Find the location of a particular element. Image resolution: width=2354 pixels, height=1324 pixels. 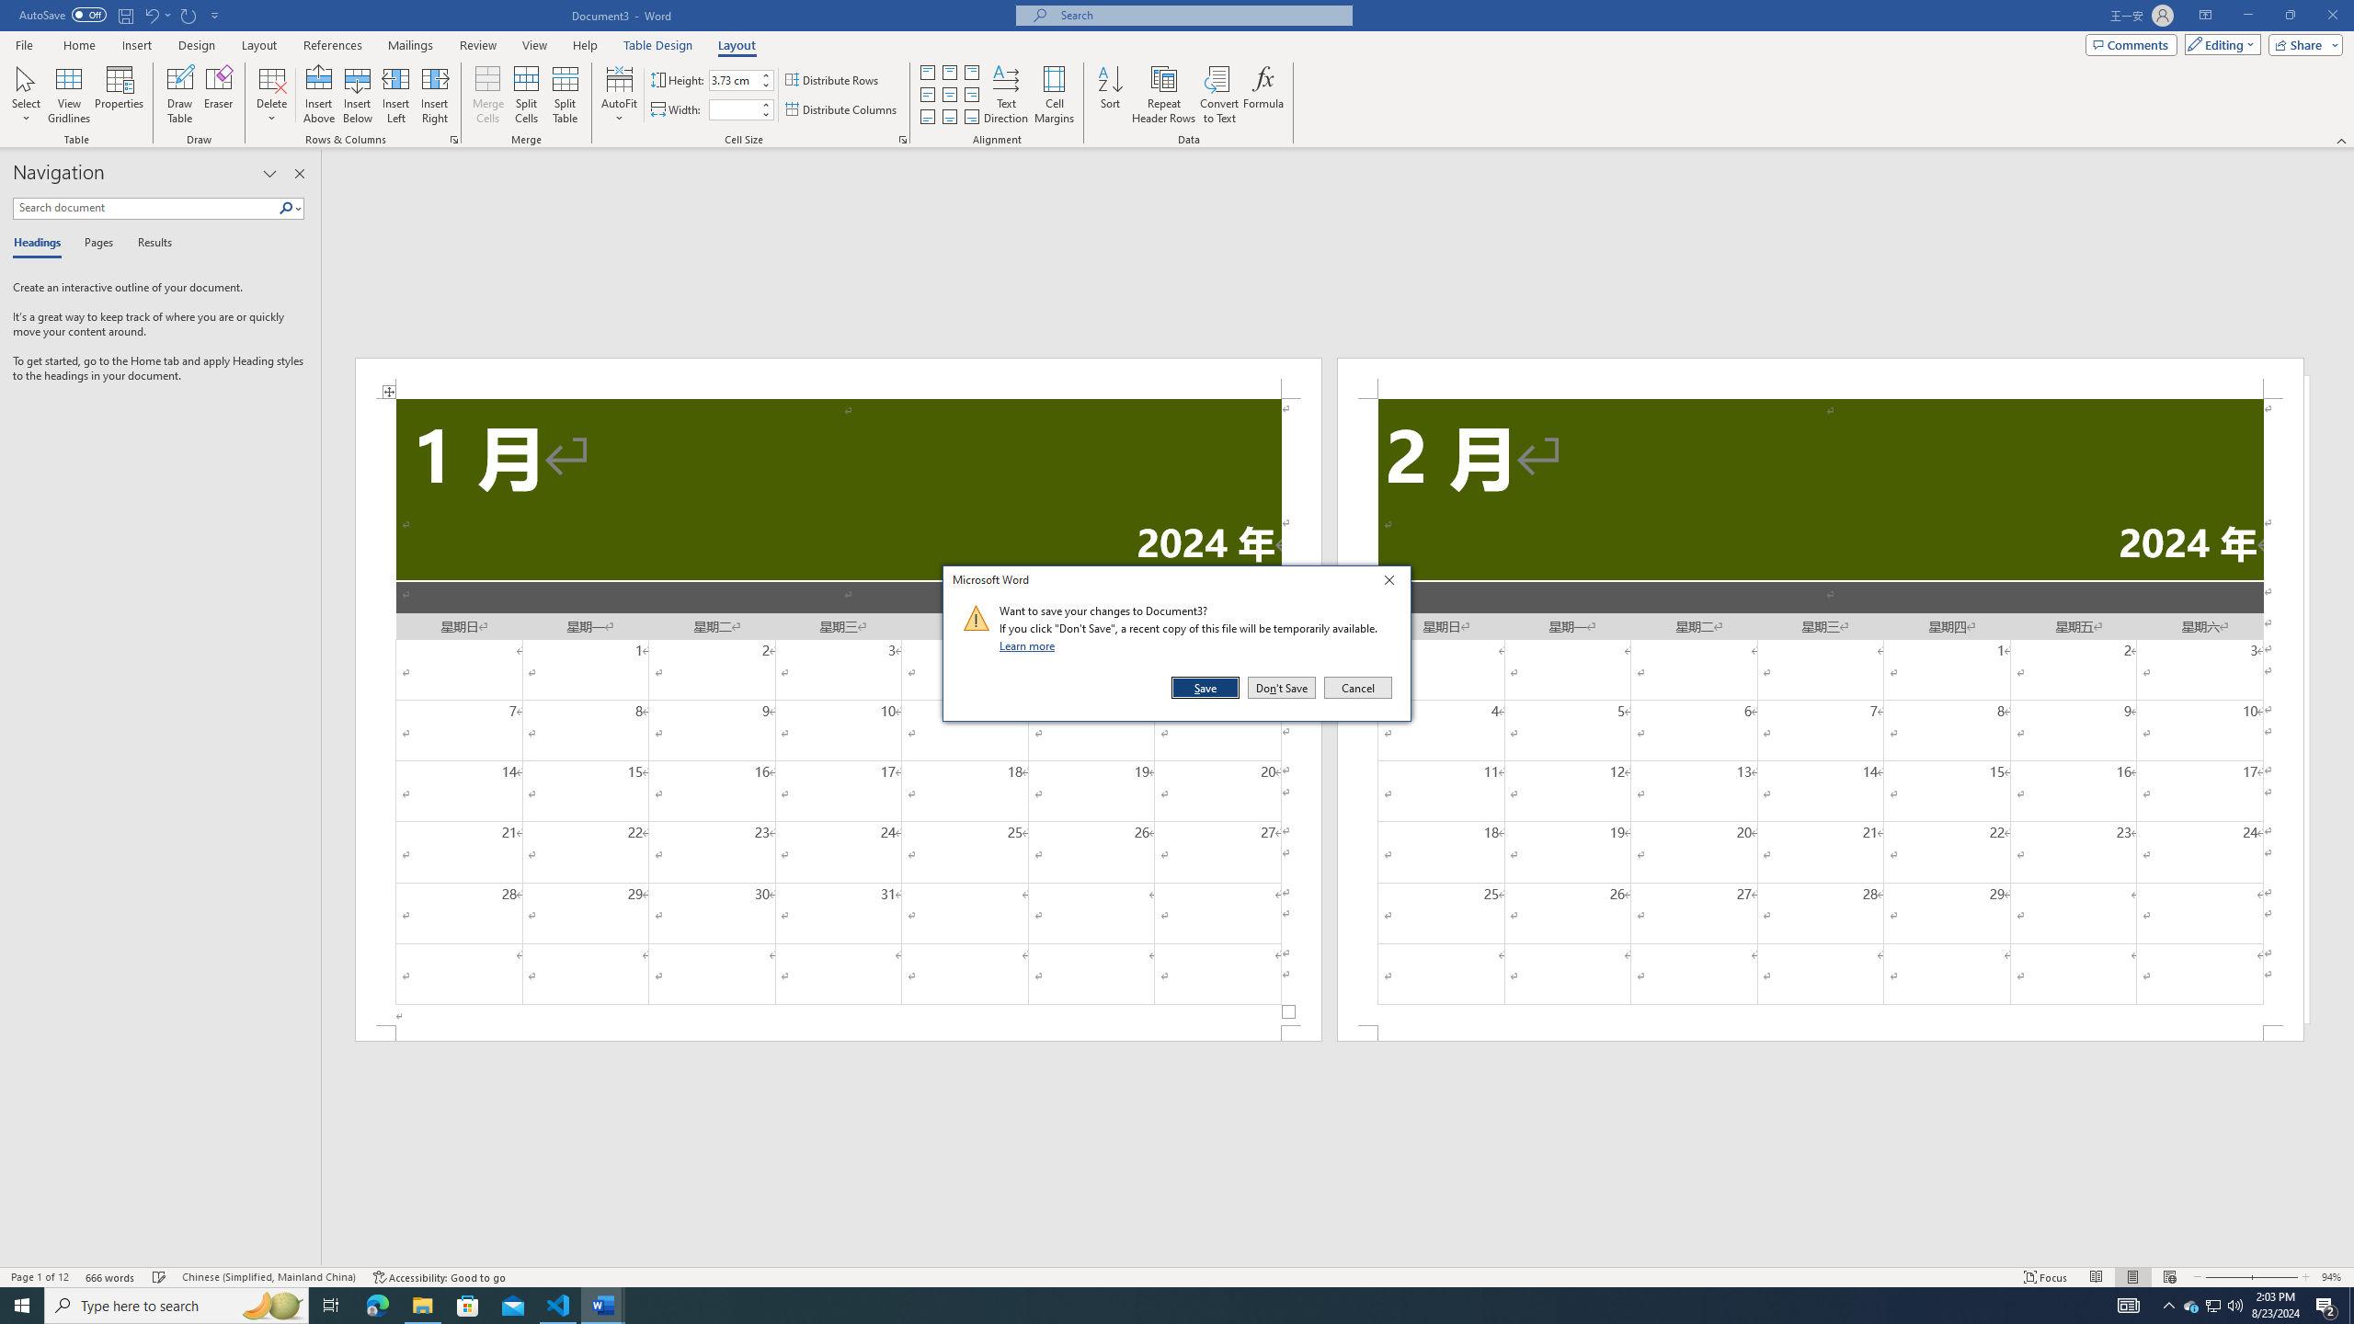

'Action Center, 2 new notifications' is located at coordinates (2326, 1304).